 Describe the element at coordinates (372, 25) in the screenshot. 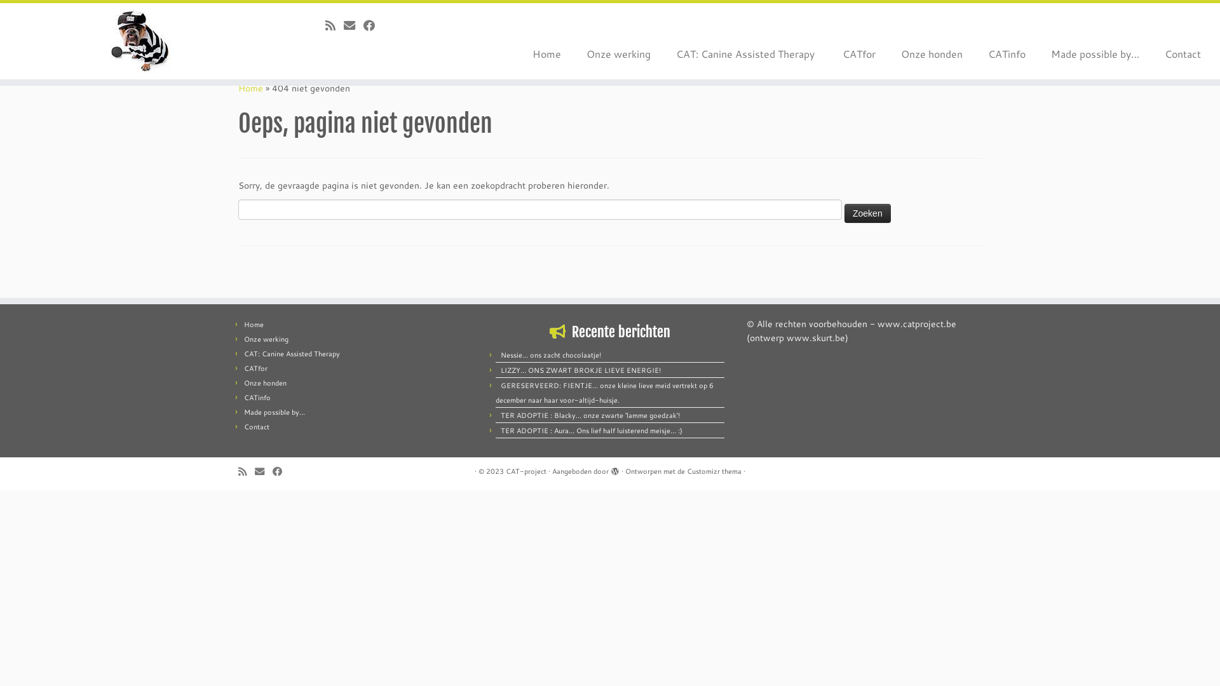

I see `'Volg mij op Facebook'` at that location.